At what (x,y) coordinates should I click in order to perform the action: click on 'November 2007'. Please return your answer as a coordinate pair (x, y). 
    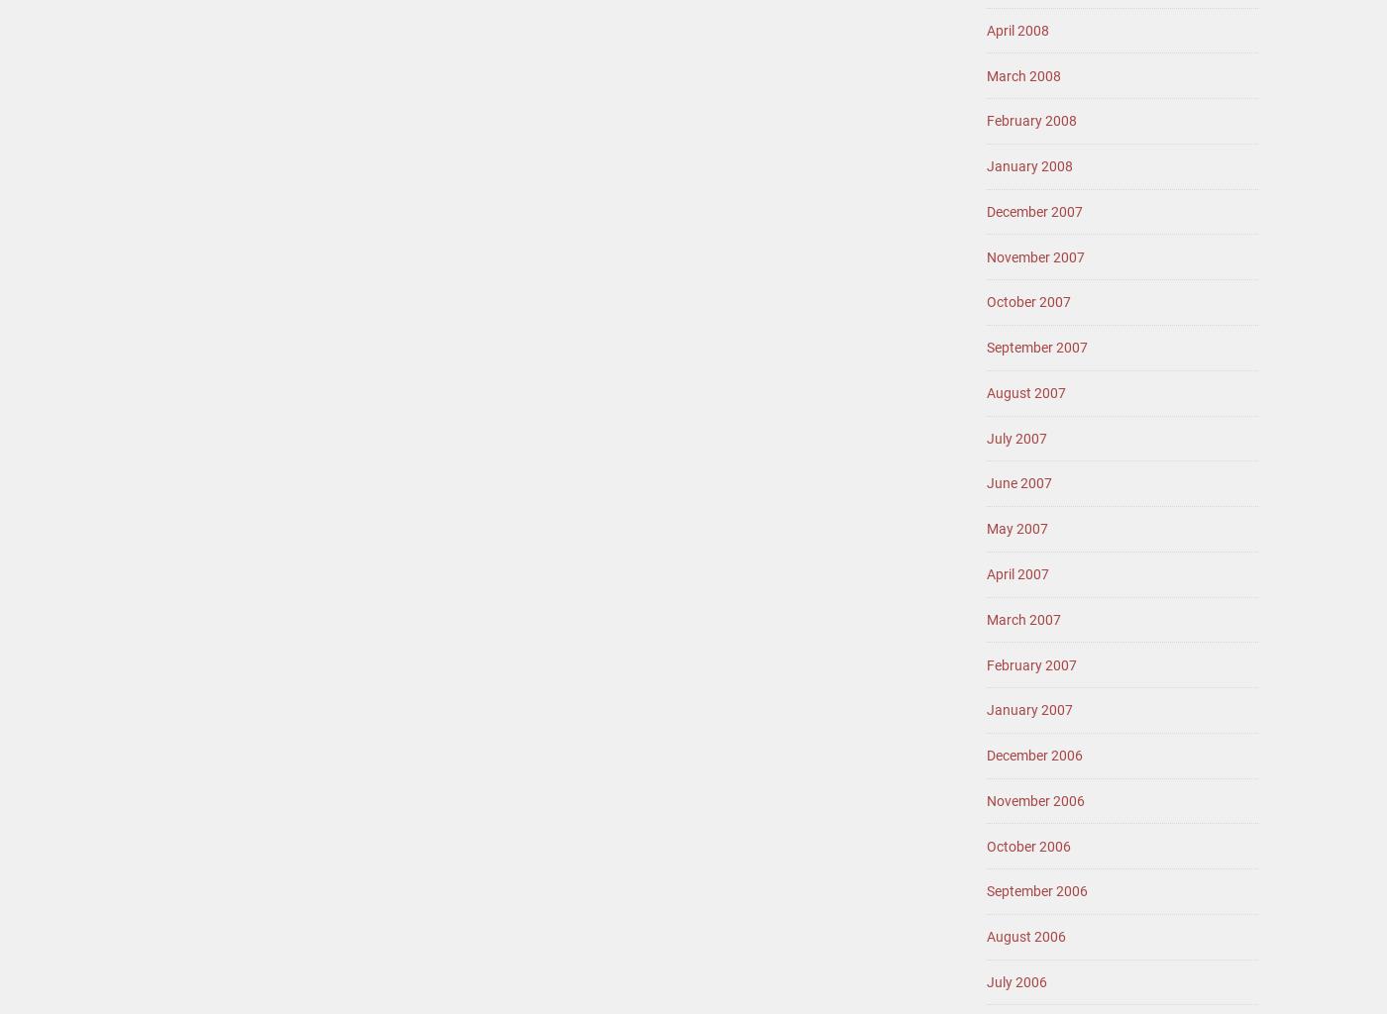
    Looking at the image, I should click on (1035, 255).